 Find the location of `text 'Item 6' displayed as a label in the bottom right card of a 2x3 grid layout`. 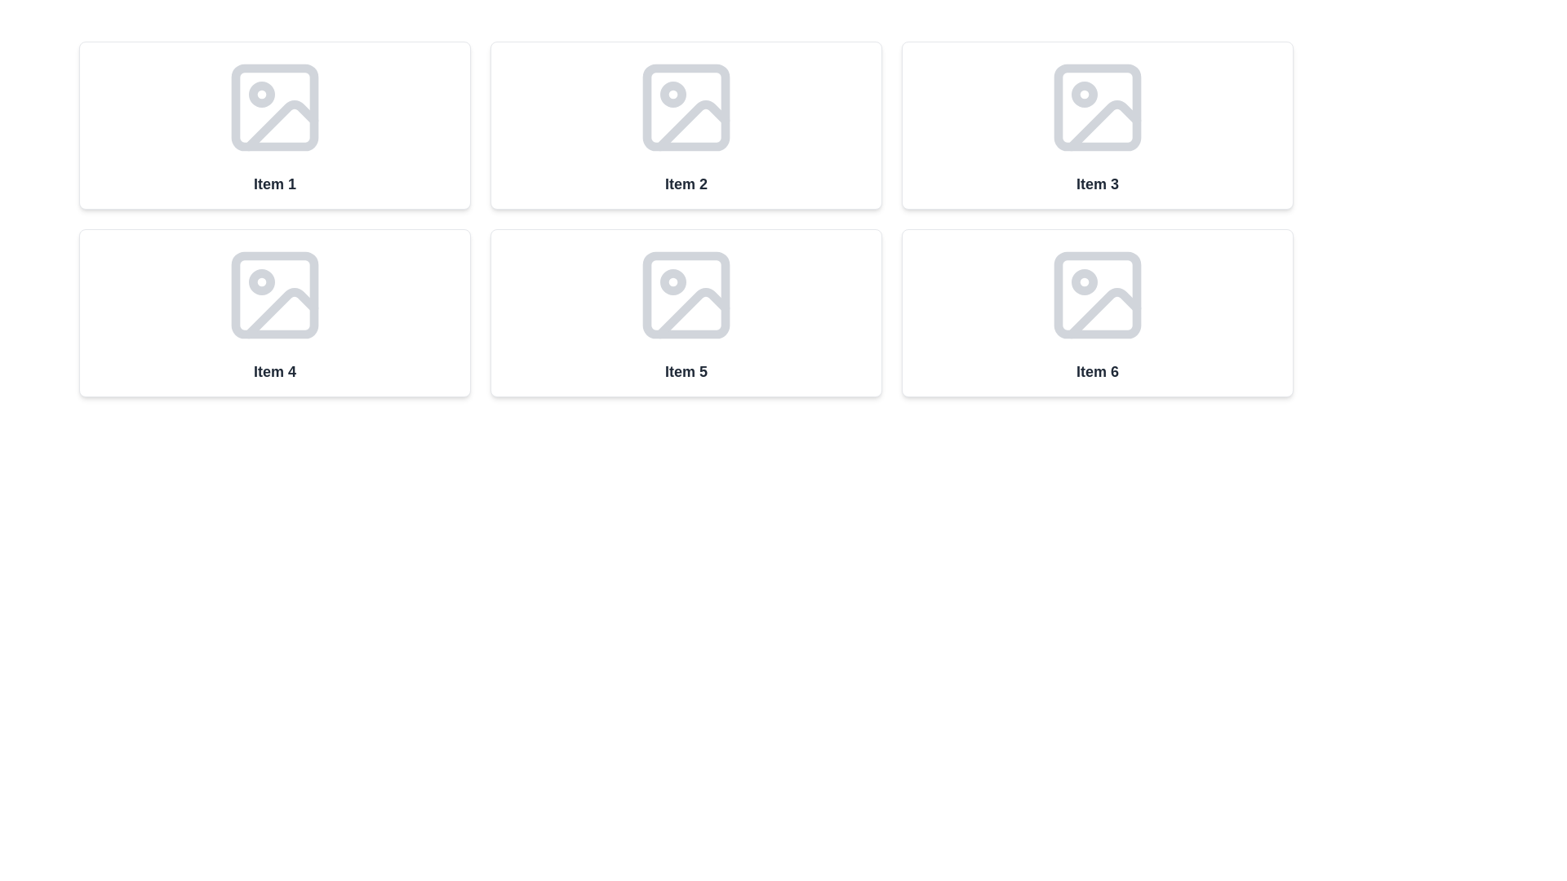

text 'Item 6' displayed as a label in the bottom right card of a 2x3 grid layout is located at coordinates (1097, 371).